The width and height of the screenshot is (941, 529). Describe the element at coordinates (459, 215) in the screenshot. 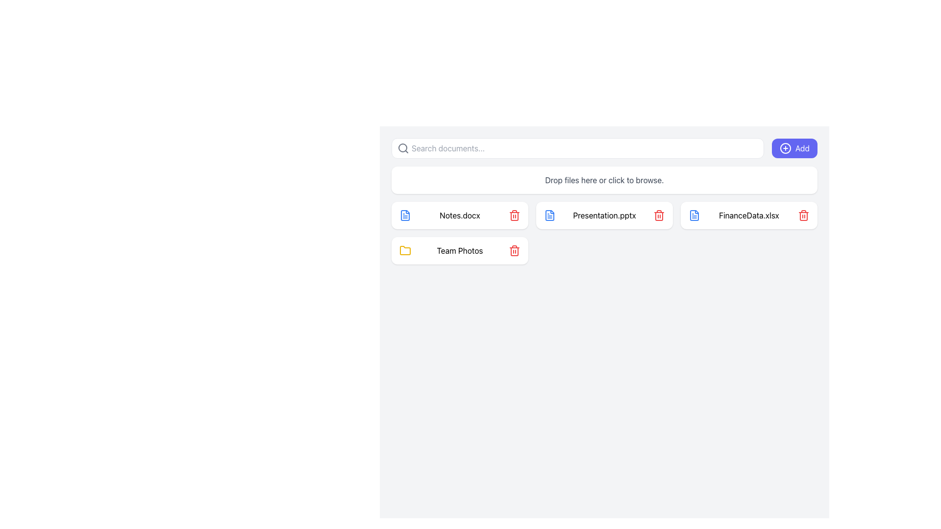

I see `the text label indicating the file name 'Notes.docx', which is positioned between a blue file icon and a red trash can icon in a horizontal list of file-like items` at that location.